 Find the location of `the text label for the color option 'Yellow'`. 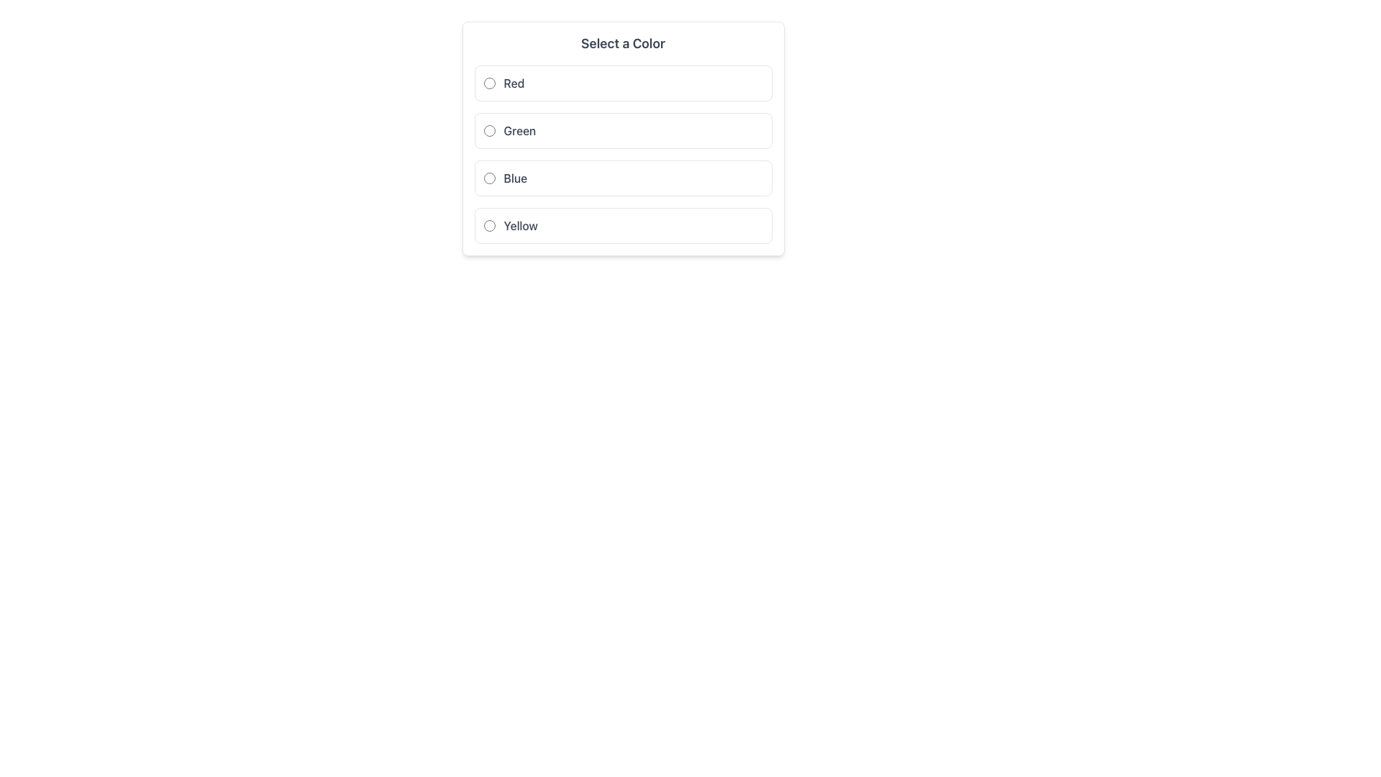

the text label for the color option 'Yellow' is located at coordinates (520, 225).